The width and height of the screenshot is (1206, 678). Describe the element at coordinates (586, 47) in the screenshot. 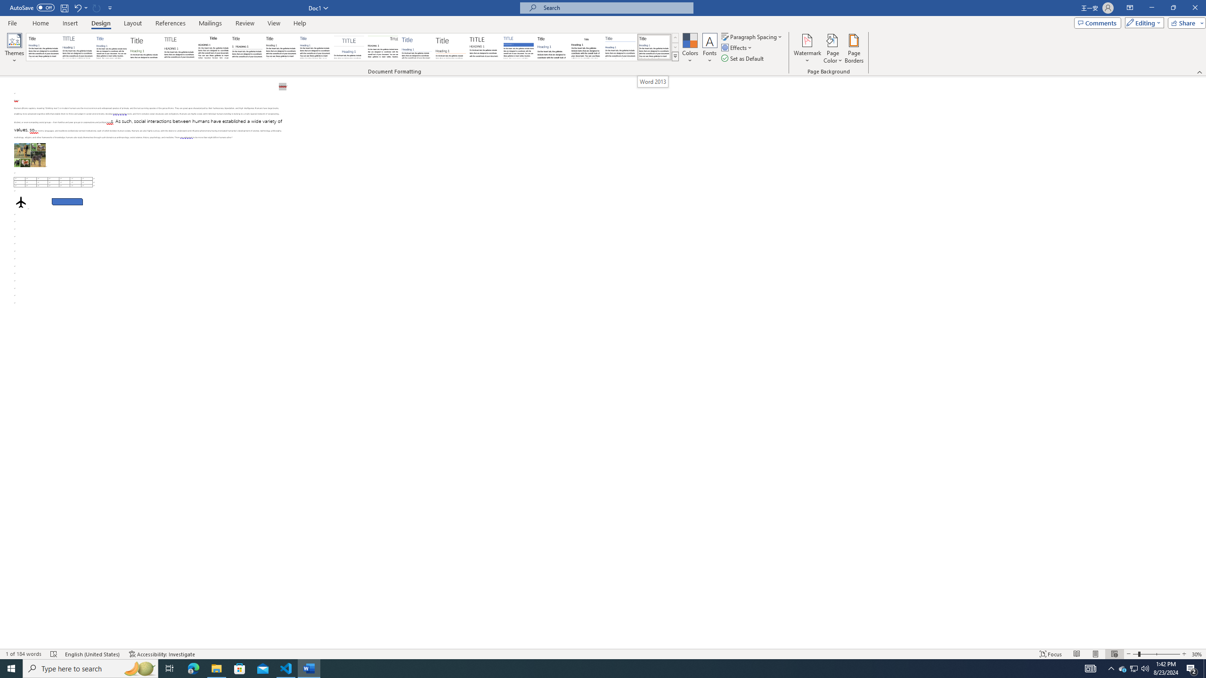

I see `'Word 2003'` at that location.